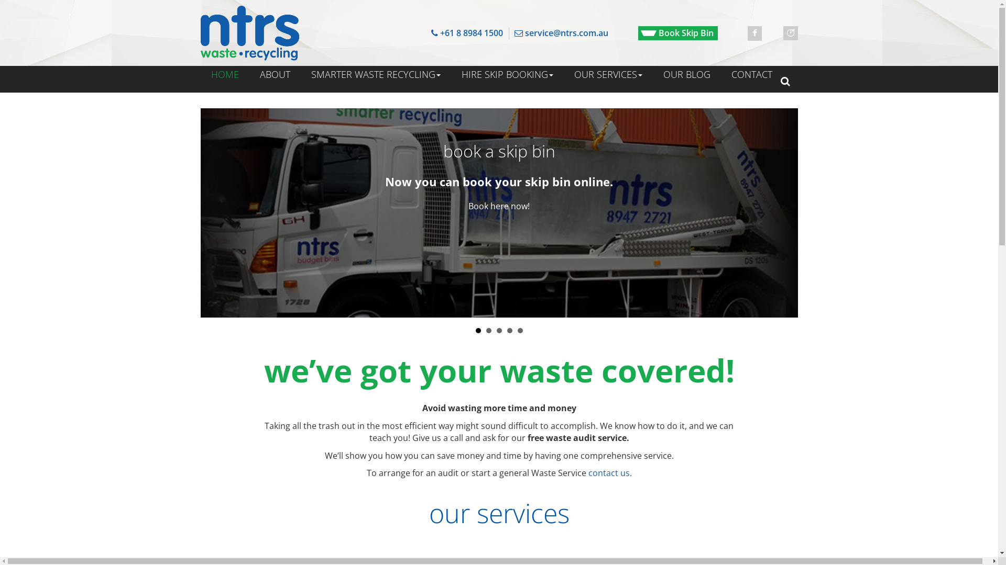 This screenshot has height=565, width=1006. I want to click on 'Book here now!', so click(498, 206).